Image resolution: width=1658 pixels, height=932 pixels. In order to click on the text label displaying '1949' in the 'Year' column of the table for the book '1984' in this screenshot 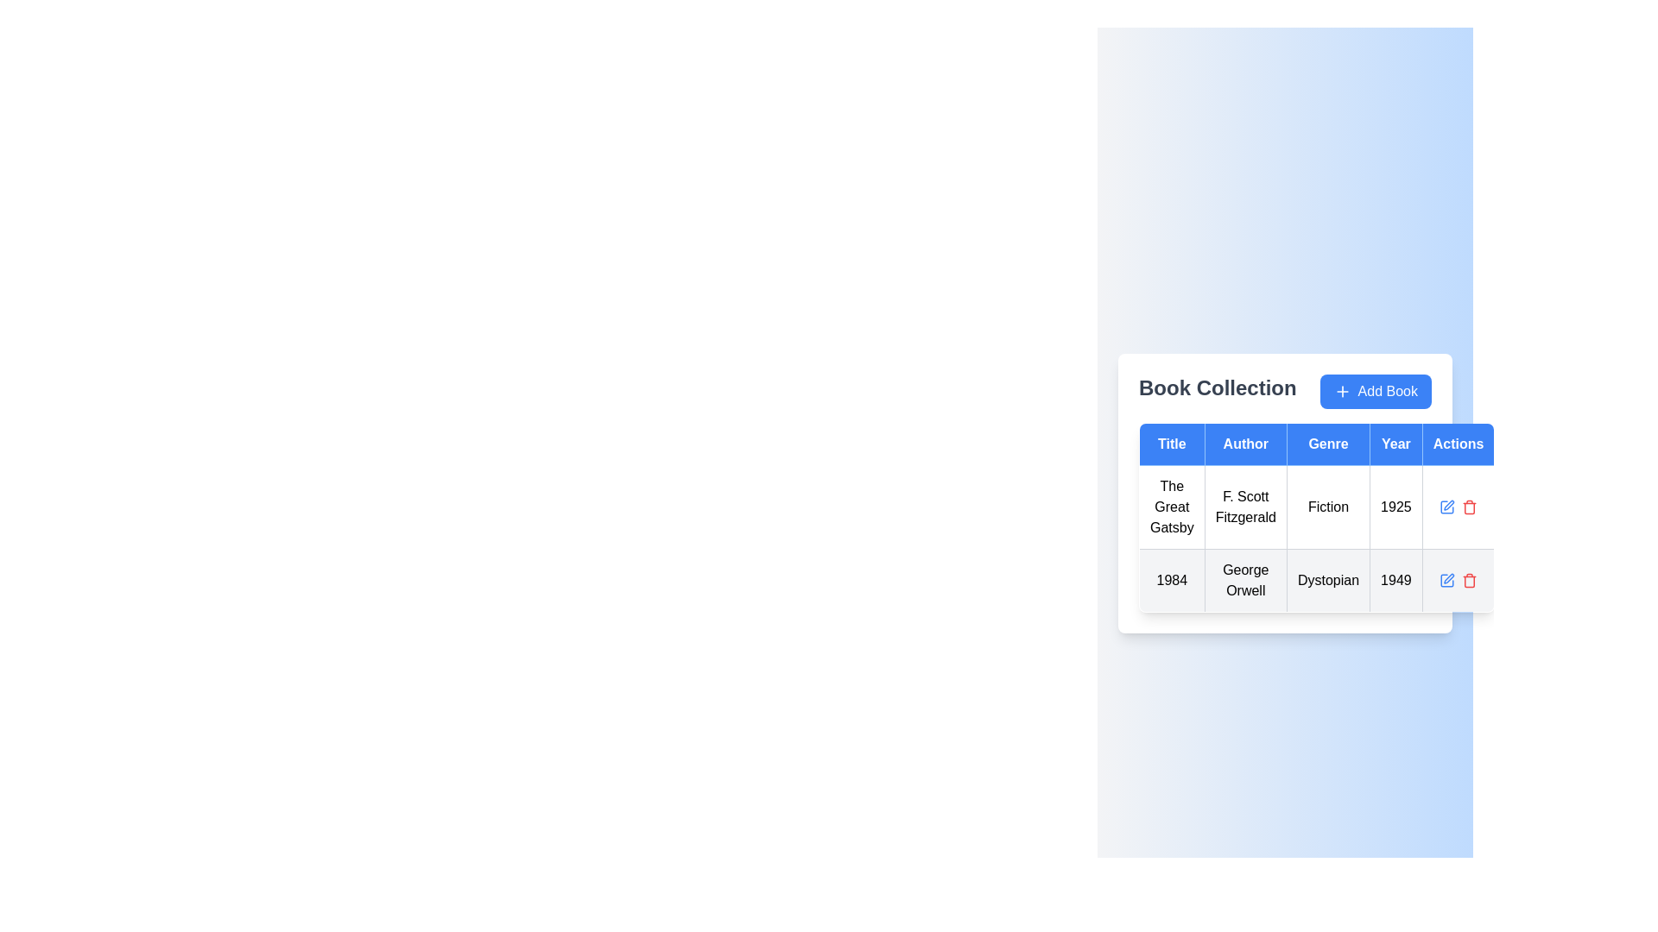, I will do `click(1395, 580)`.